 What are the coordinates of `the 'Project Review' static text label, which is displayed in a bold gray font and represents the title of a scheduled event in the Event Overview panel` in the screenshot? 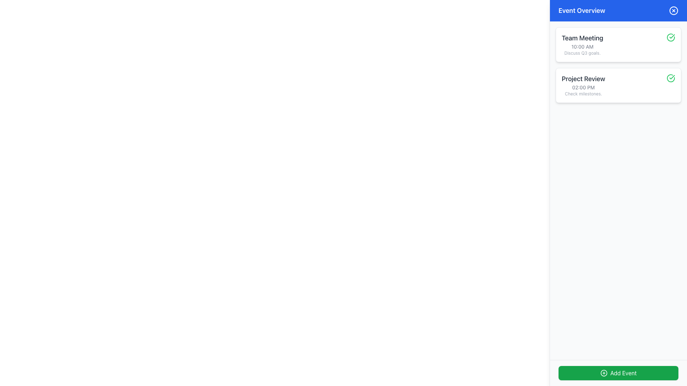 It's located at (583, 79).